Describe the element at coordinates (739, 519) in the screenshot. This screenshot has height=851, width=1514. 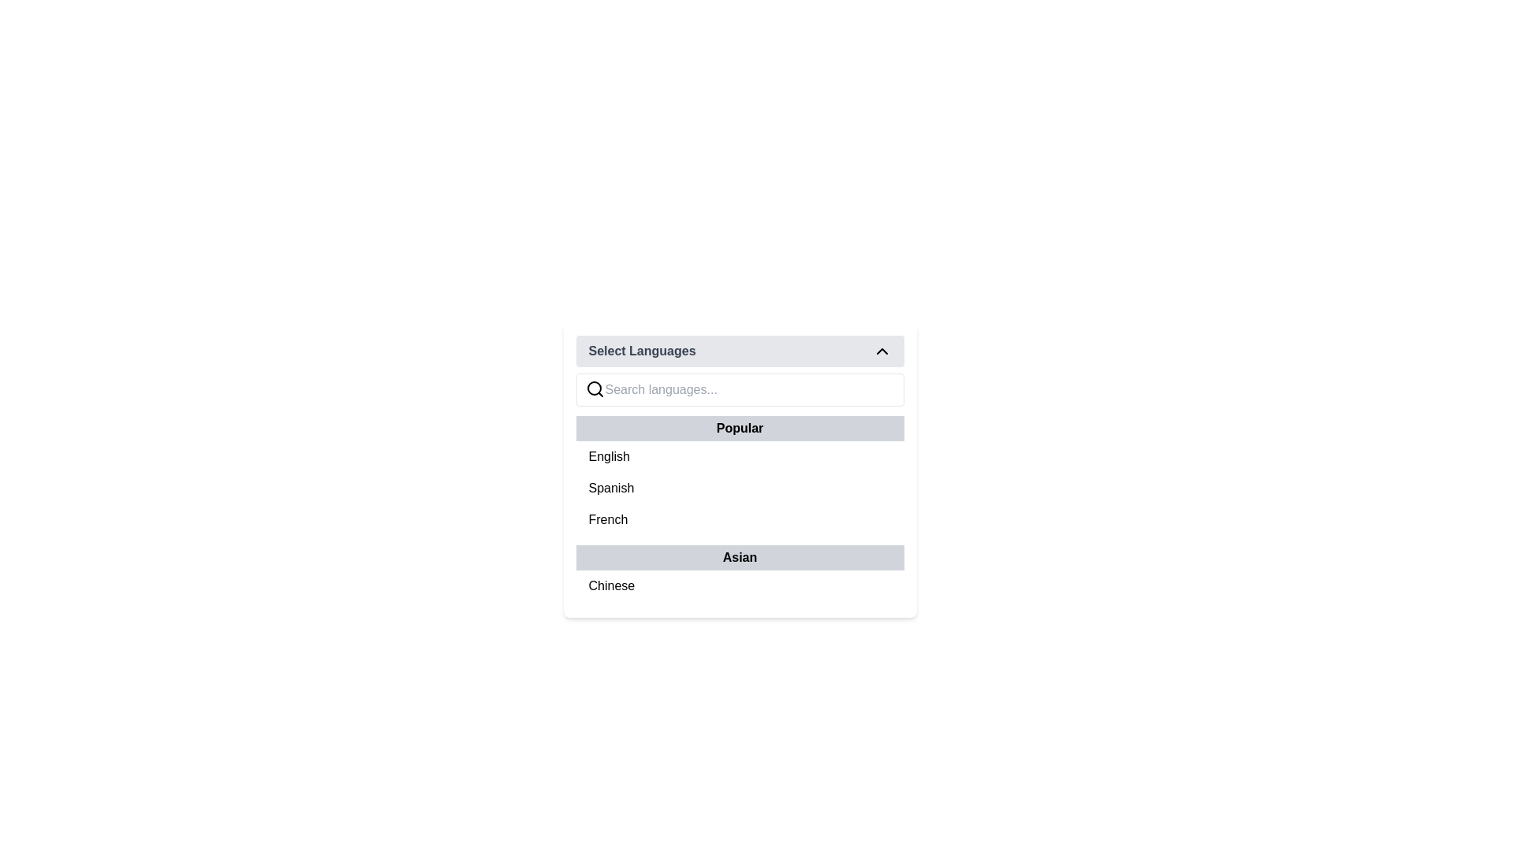
I see `the 'French' language option in the 'Select Languages' dropdown menu, which is the third item under the 'Popular' section` at that location.